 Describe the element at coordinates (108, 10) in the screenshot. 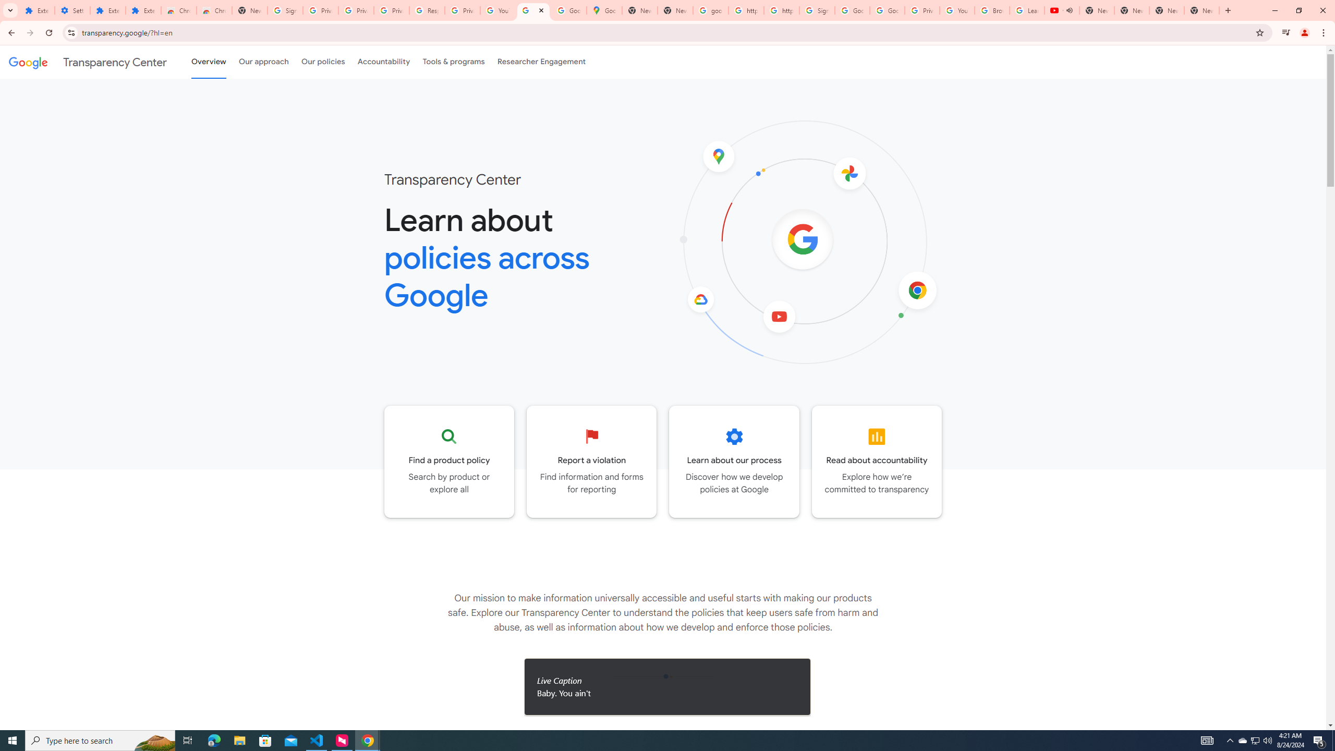

I see `'Extensions'` at that location.